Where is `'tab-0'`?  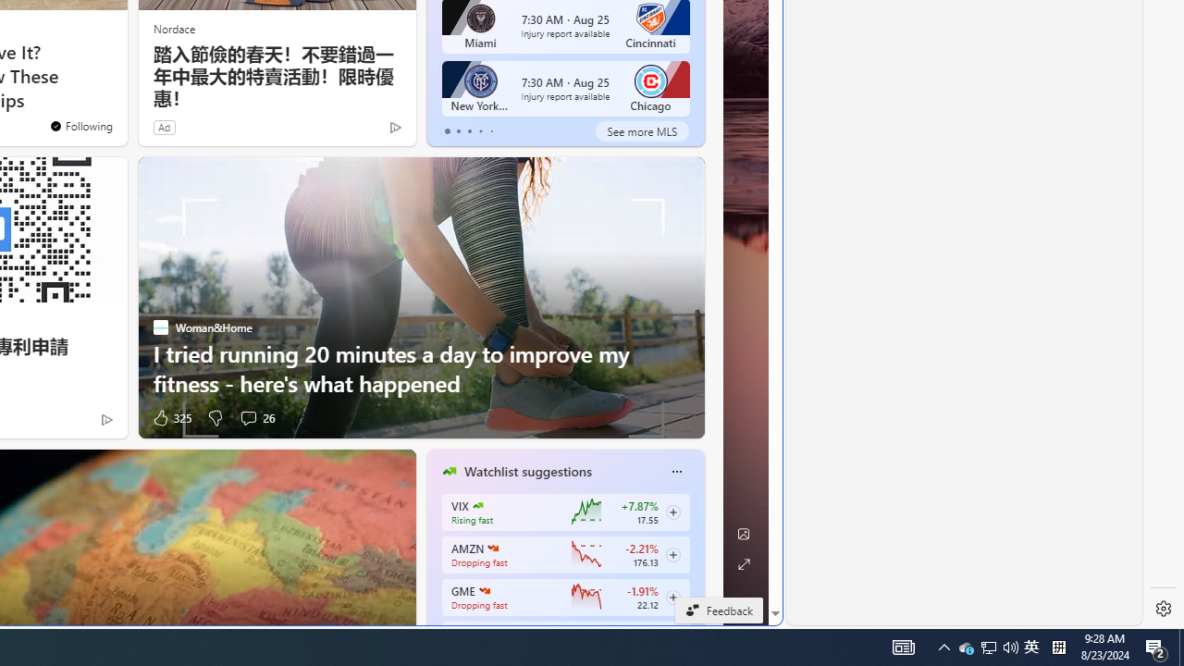 'tab-0' is located at coordinates (447, 130).